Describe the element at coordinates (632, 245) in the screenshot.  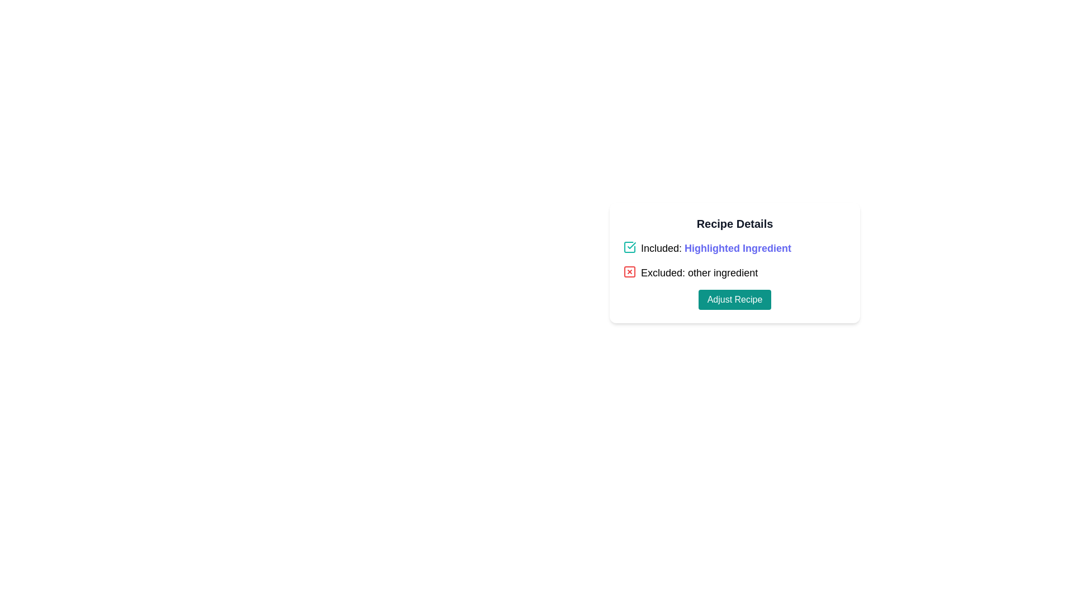
I see `the graphical checkmark icon that indicates the 'included' status for an ingredient in the Recipe Details section` at that location.